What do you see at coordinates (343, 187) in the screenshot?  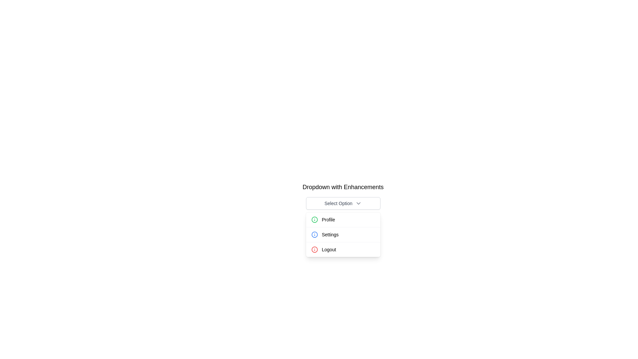 I see `the static text label that serves as a descriptor for the dropdown menu, located at the top of the dropdown section` at bounding box center [343, 187].